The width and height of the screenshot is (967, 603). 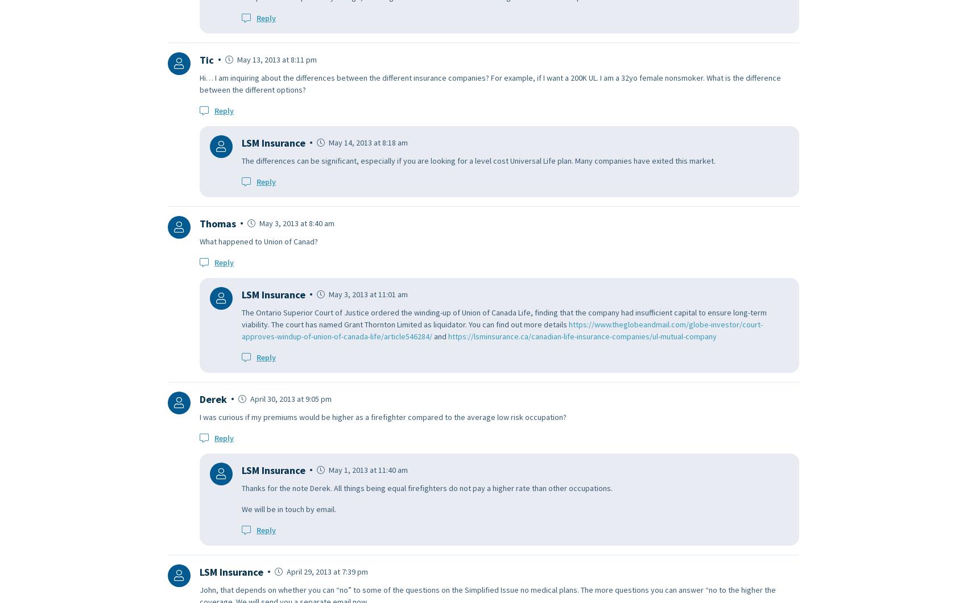 What do you see at coordinates (234, 59) in the screenshot?
I see `'May 13, 2013 at 8:11 pm'` at bounding box center [234, 59].